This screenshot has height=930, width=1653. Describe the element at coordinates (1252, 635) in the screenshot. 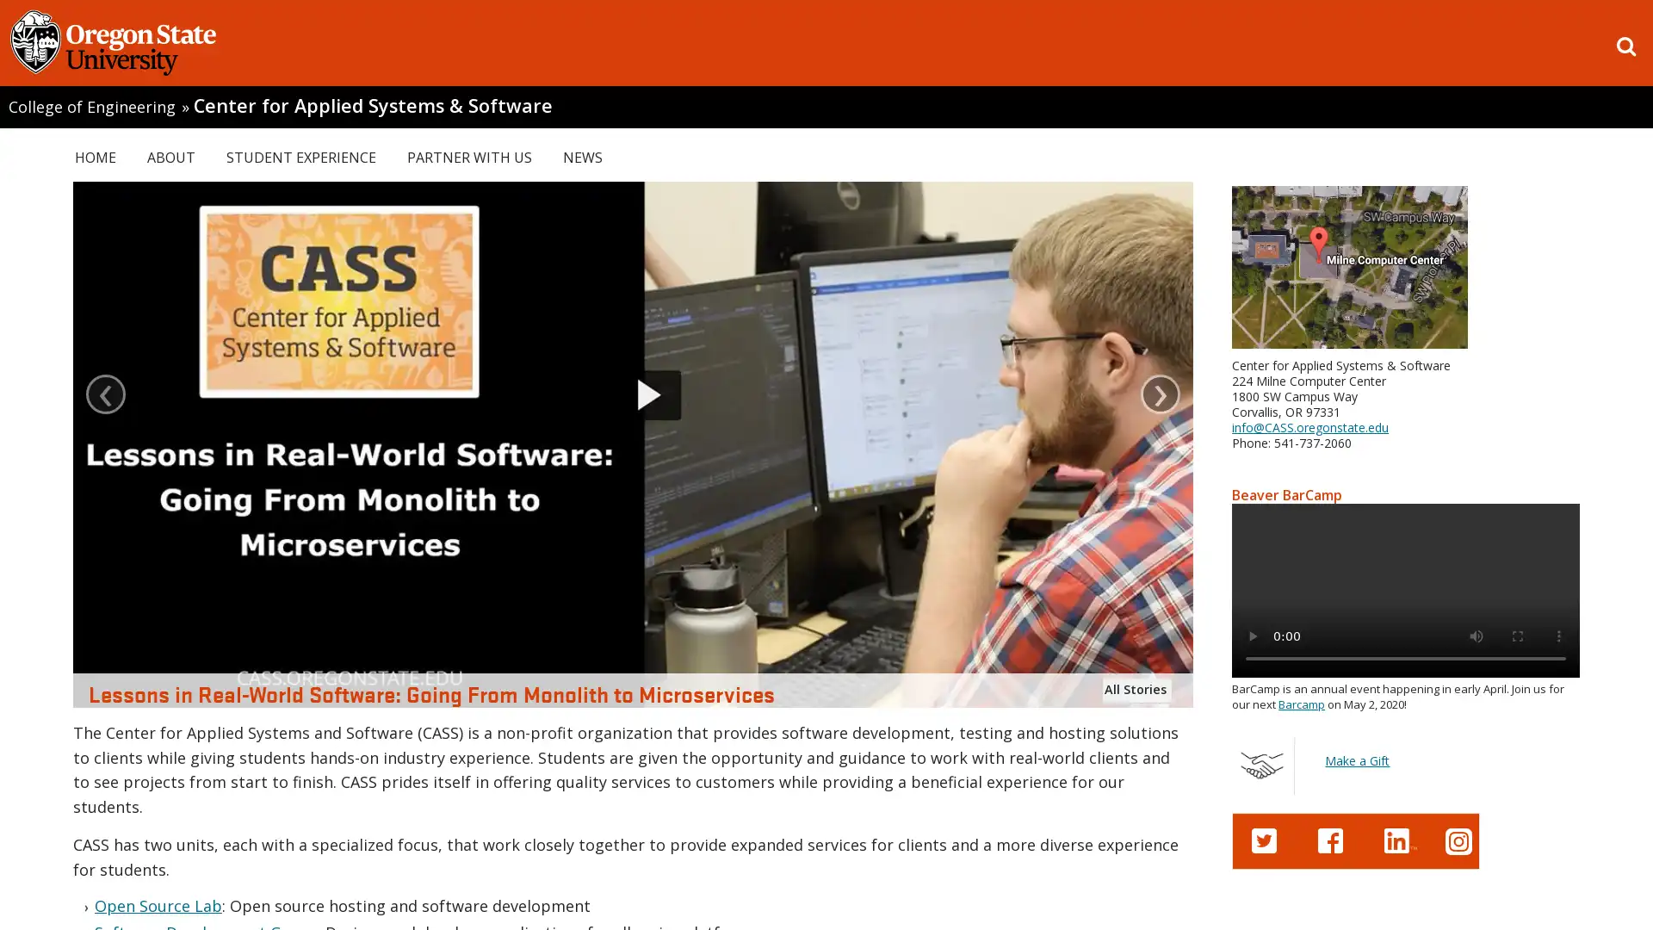

I see `play` at that location.